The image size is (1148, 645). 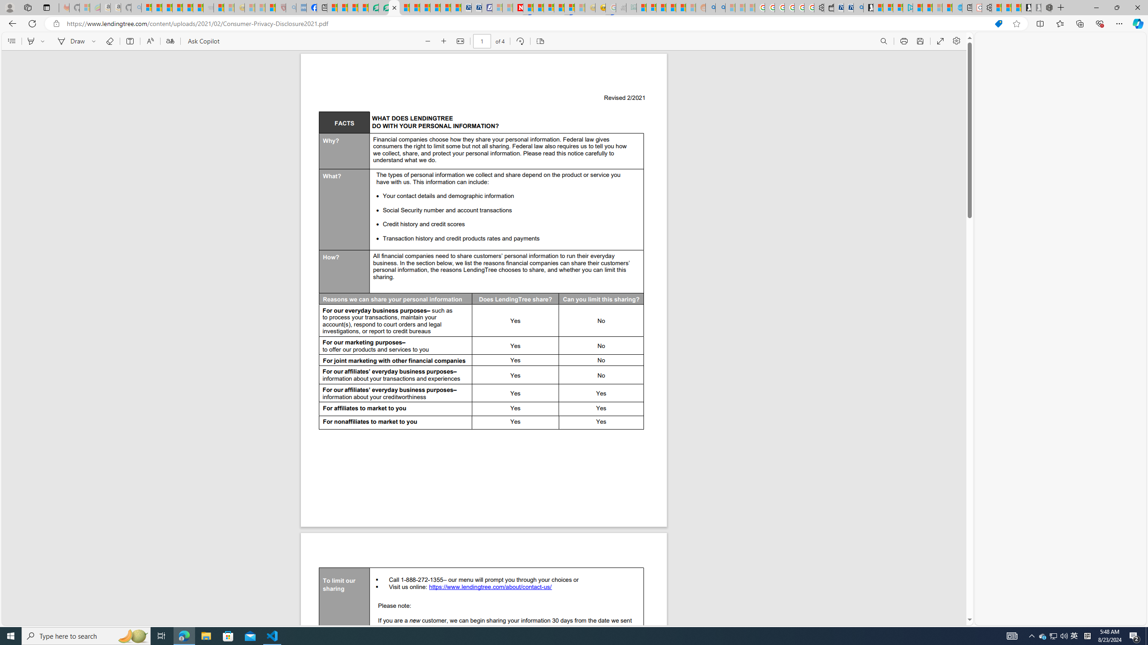 What do you see at coordinates (937, 7) in the screenshot?
I see `'Microsoft Start - Sleeping'` at bounding box center [937, 7].